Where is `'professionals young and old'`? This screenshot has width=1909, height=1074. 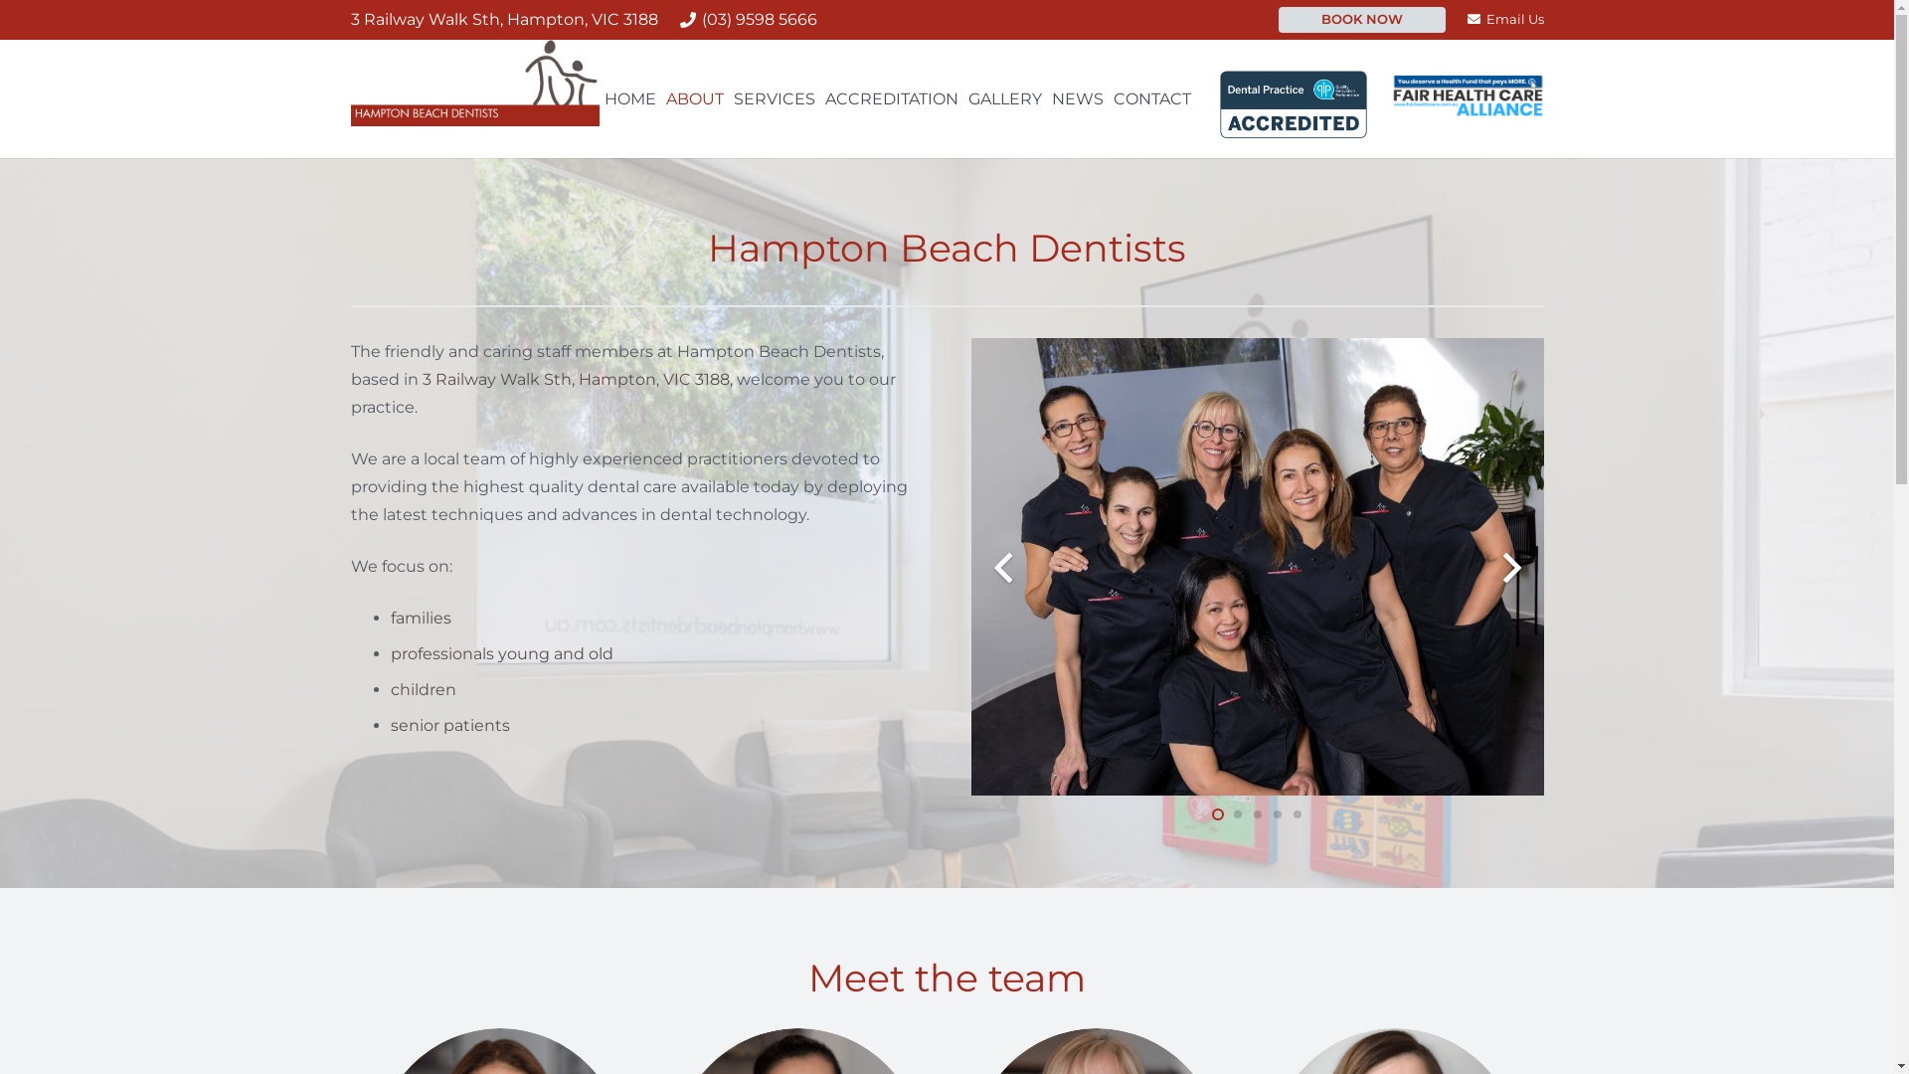 'professionals young and old' is located at coordinates (501, 653).